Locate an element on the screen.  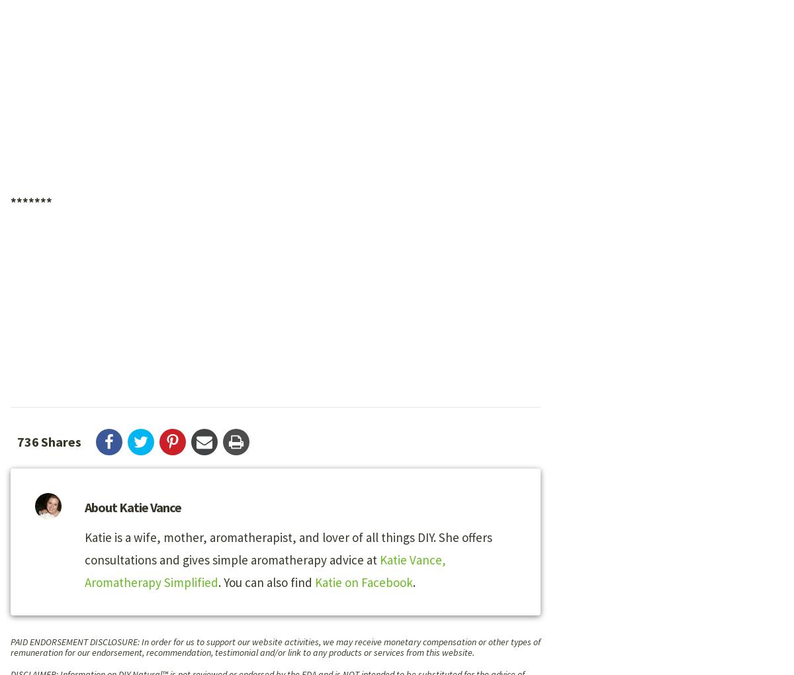
'Katie on Facebook' is located at coordinates (363, 581).